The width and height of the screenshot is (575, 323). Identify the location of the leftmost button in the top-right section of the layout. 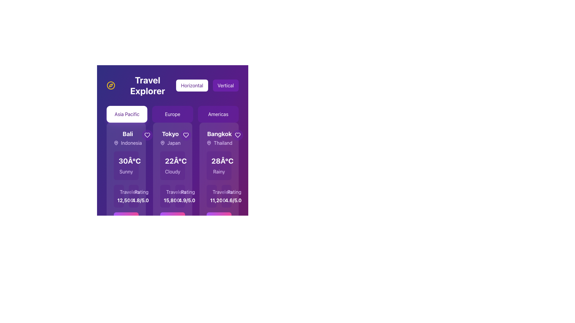
(192, 85).